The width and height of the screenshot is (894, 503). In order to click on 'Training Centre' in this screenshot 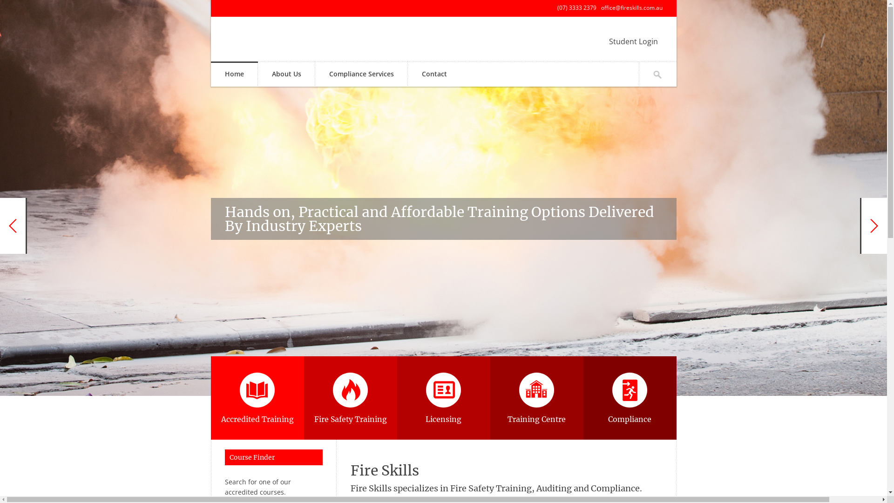, I will do `click(536, 398)`.